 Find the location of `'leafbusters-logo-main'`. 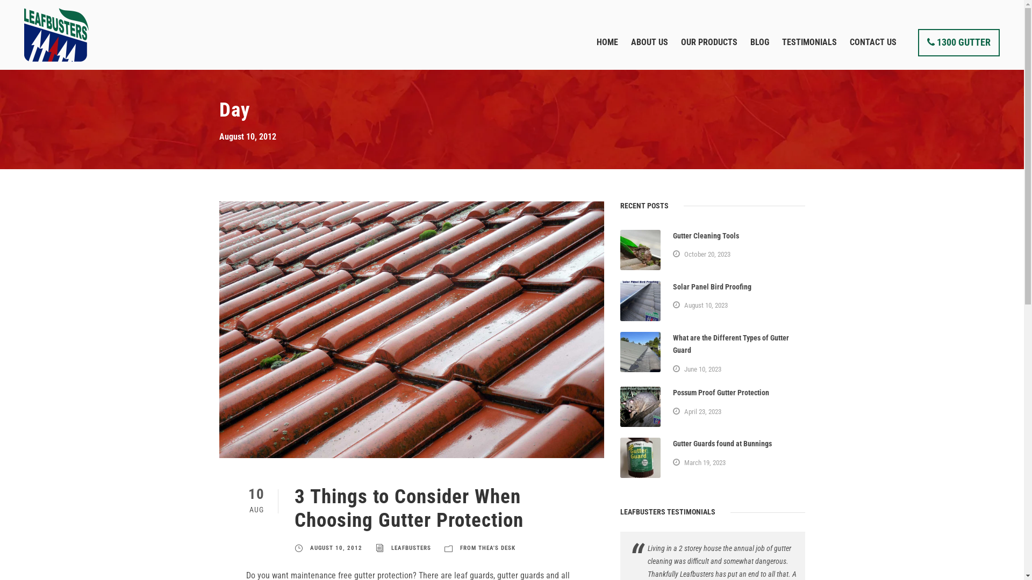

'leafbusters-logo-main' is located at coordinates (24, 34).